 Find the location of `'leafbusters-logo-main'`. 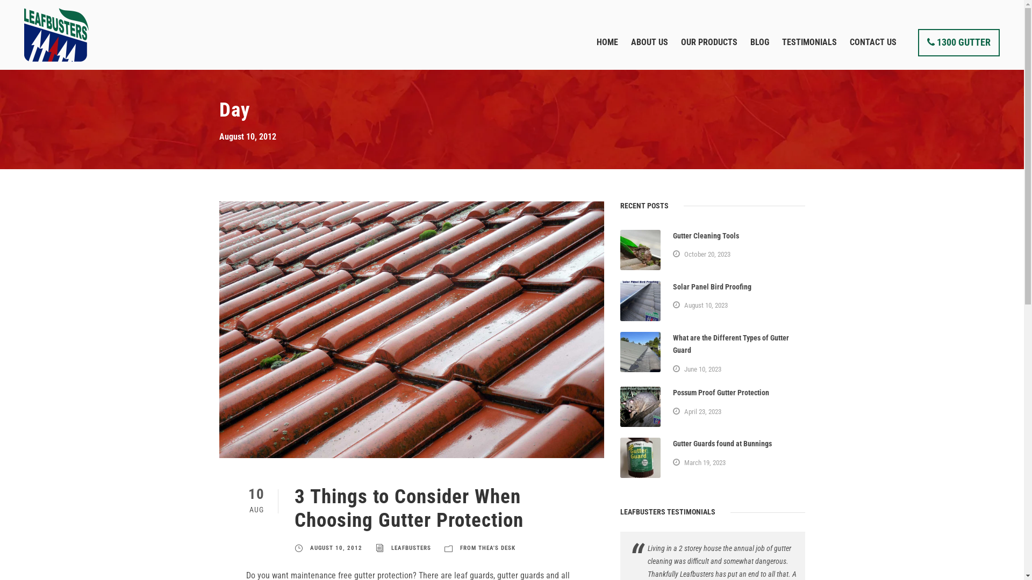

'leafbusters-logo-main' is located at coordinates (24, 34).